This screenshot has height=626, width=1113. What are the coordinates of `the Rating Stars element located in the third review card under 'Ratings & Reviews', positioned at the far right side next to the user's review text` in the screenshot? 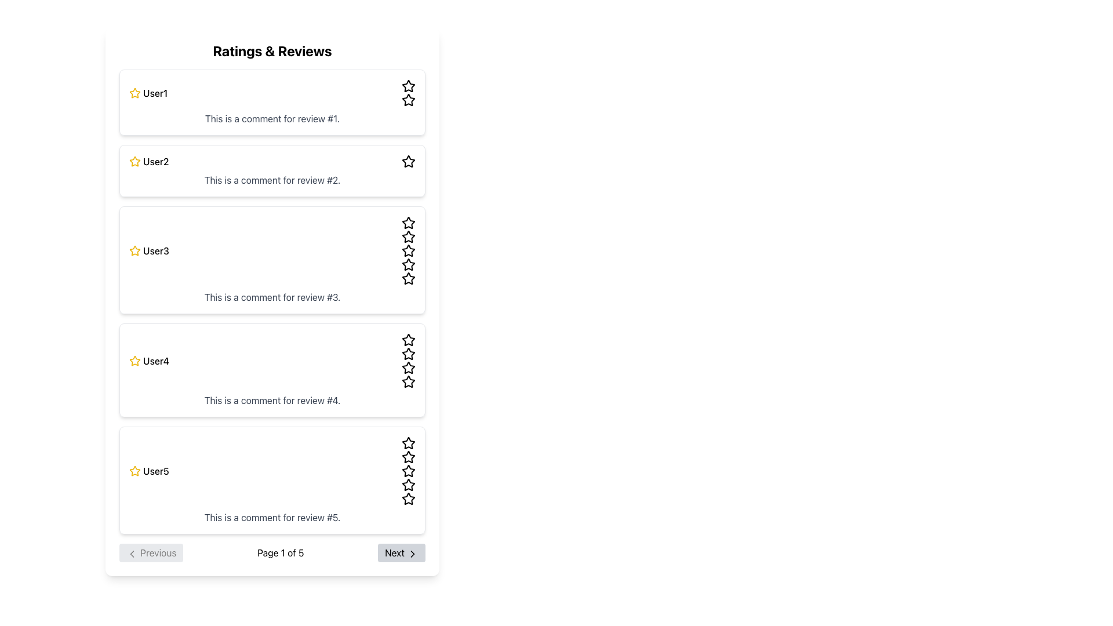 It's located at (409, 250).